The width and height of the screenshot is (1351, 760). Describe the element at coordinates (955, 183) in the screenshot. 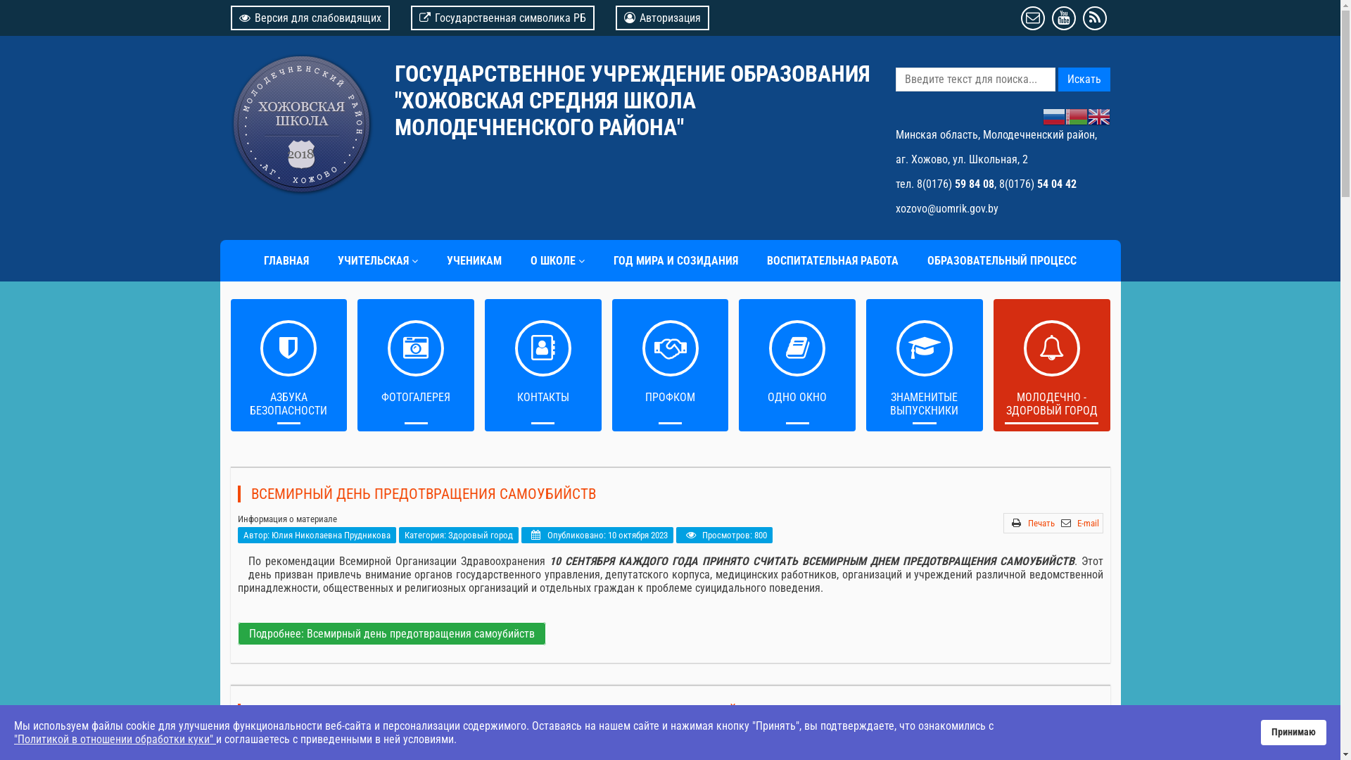

I see `'8(0176) 59 84 08'` at that location.